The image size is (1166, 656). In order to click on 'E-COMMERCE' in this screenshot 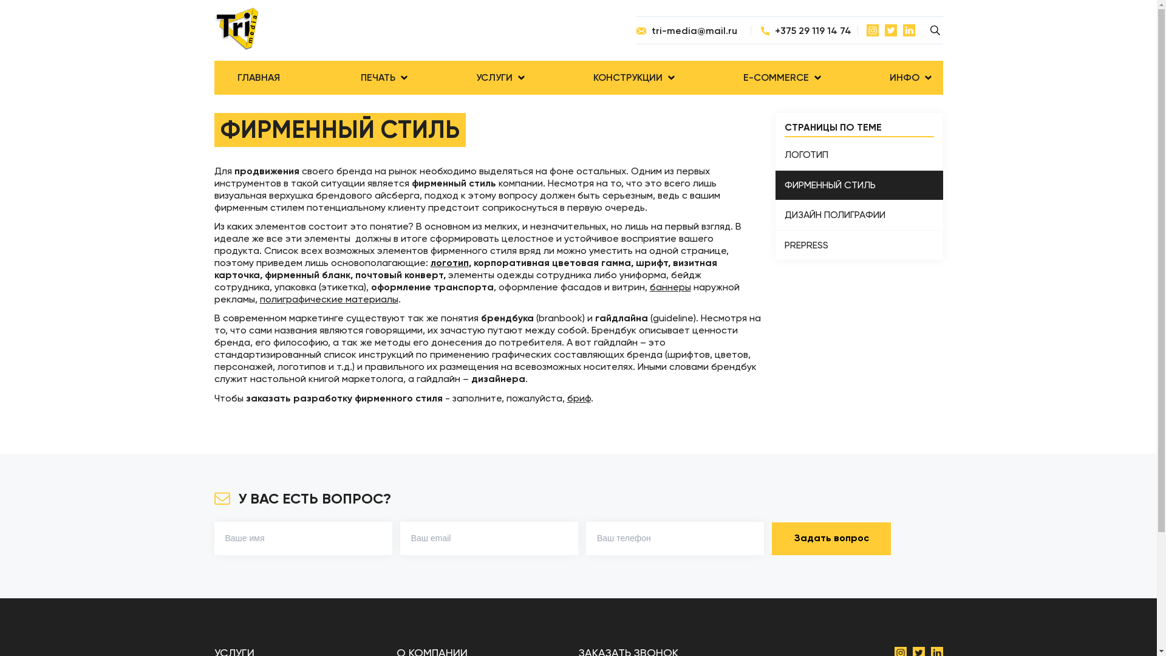, I will do `click(775, 77)`.